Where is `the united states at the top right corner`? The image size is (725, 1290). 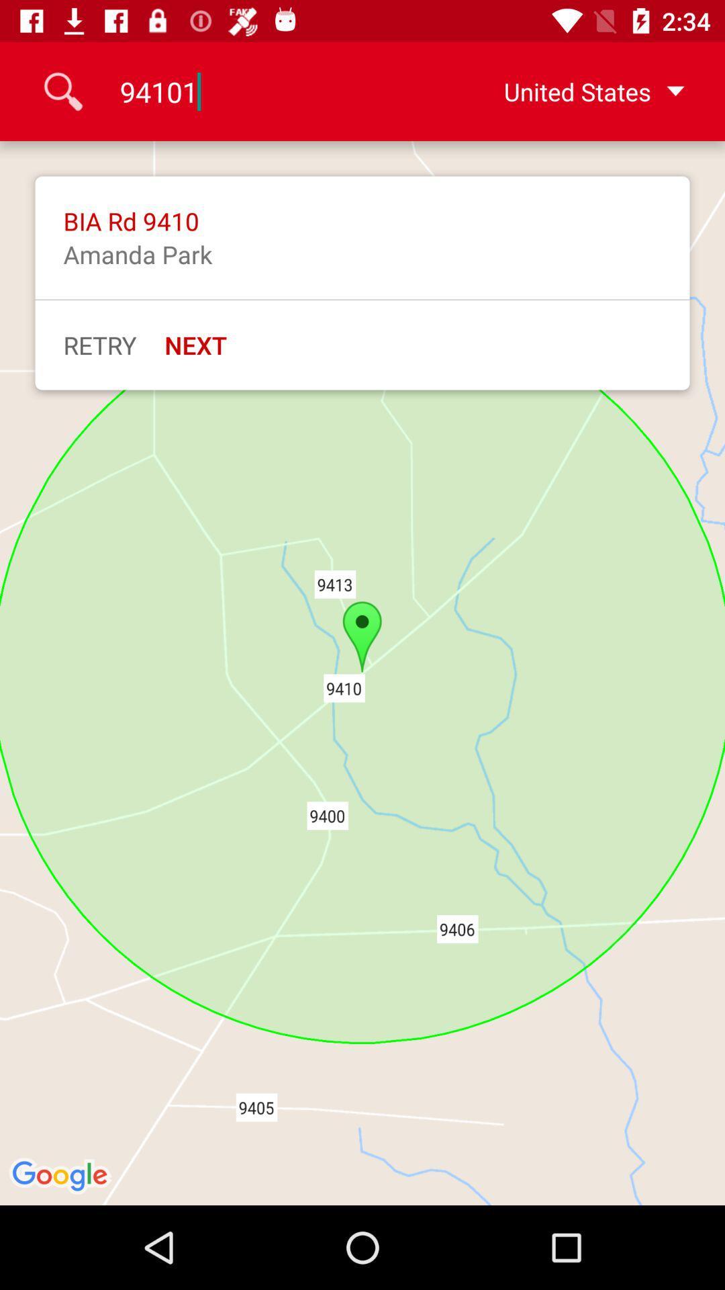 the united states at the top right corner is located at coordinates (573, 91).